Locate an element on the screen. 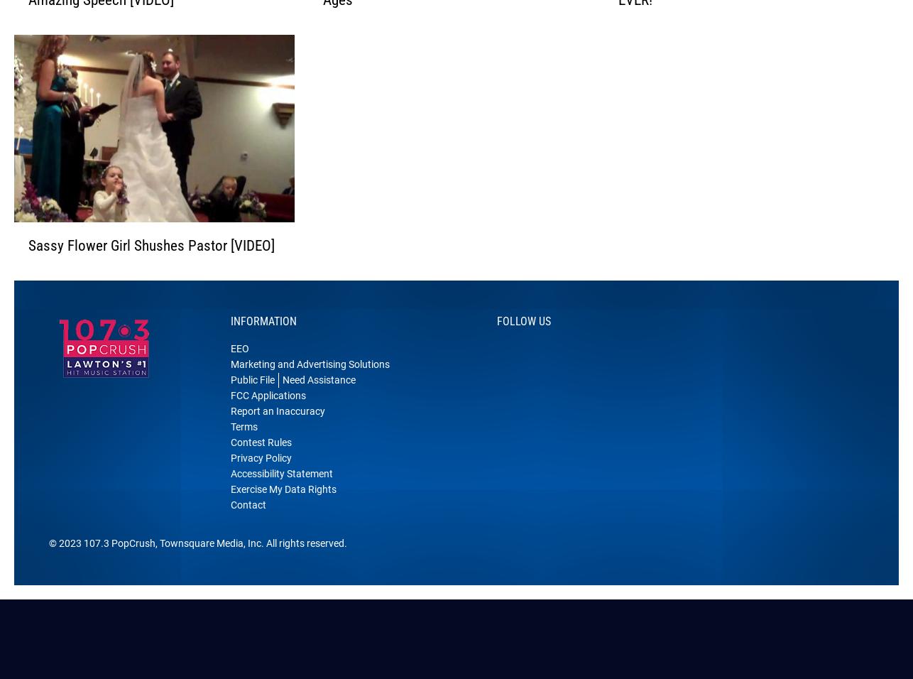  '107.3 PopCrush' is located at coordinates (119, 560).